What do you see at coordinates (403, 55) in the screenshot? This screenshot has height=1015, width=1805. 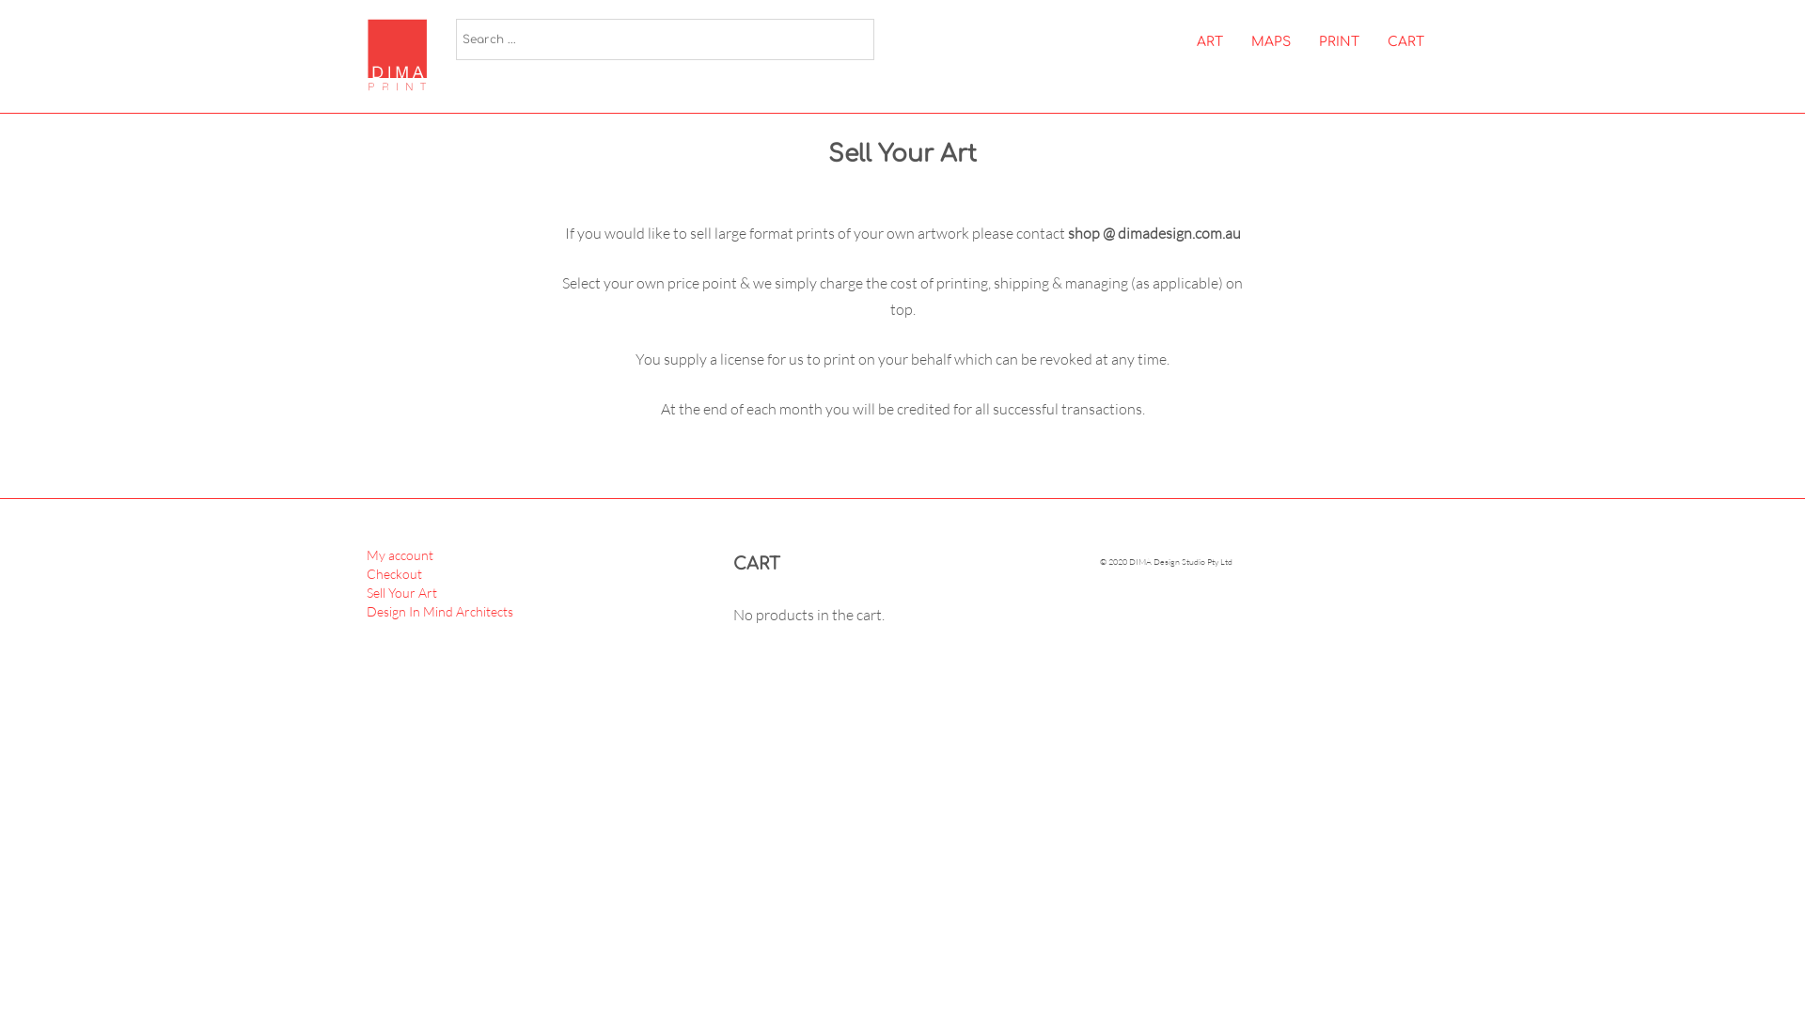 I see `'DIMA Print Shop'` at bounding box center [403, 55].